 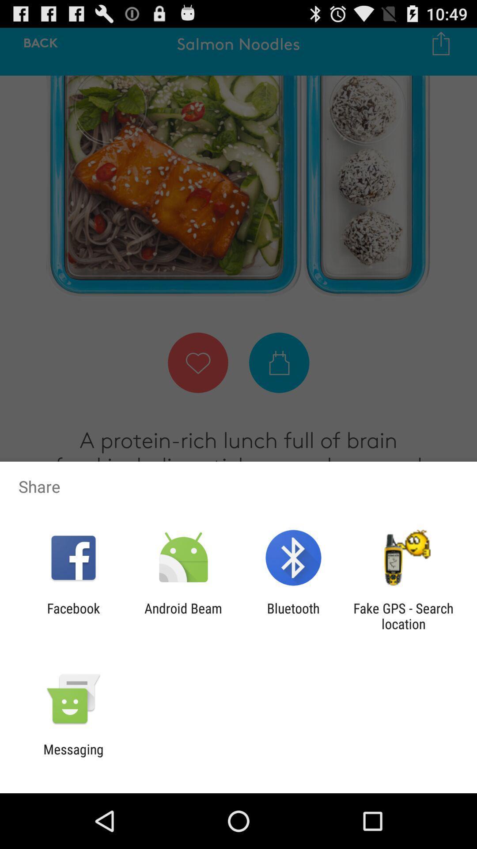 I want to click on the app next to bluetooth app, so click(x=183, y=616).